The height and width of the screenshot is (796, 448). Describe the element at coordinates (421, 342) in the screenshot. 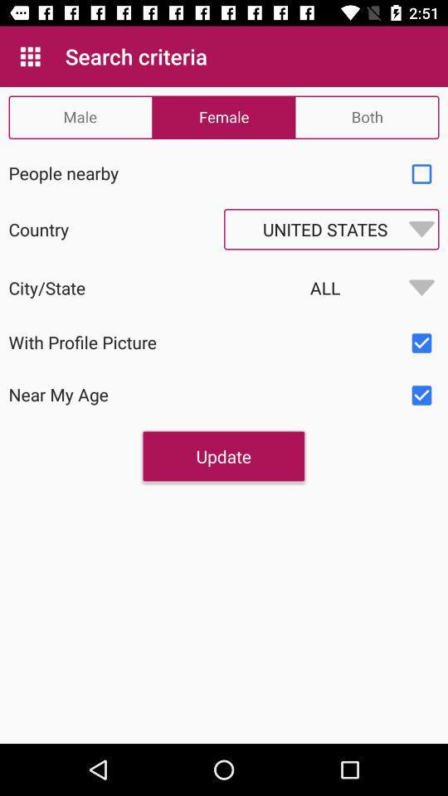

I see `search option with profile picture` at that location.